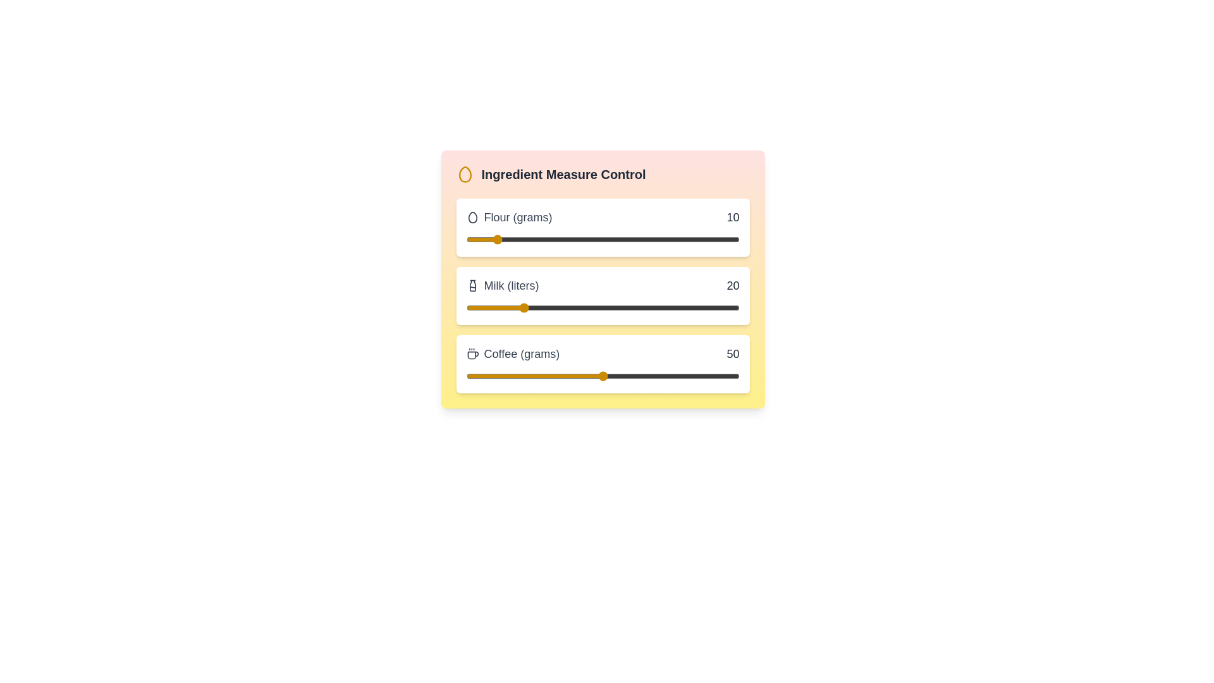  What do you see at coordinates (673, 307) in the screenshot?
I see `the milk quantity` at bounding box center [673, 307].